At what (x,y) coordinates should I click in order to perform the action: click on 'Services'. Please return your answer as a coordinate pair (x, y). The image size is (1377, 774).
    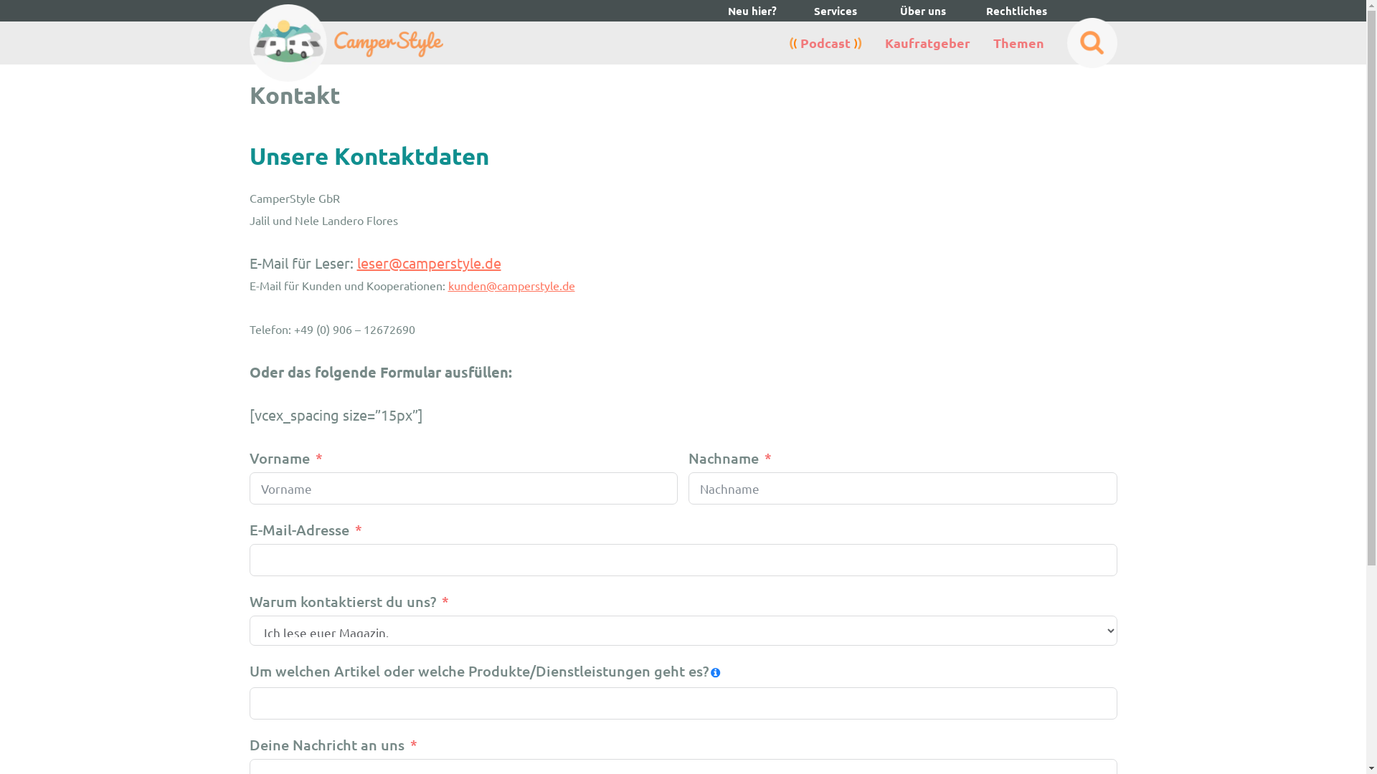
    Looking at the image, I should click on (836, 11).